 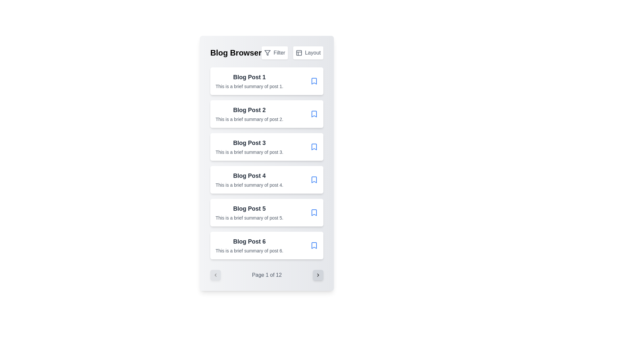 I want to click on the text label that reads 'Filter', which is positioned centrally within the top bar of the interface next to a filter icon, so click(x=279, y=53).